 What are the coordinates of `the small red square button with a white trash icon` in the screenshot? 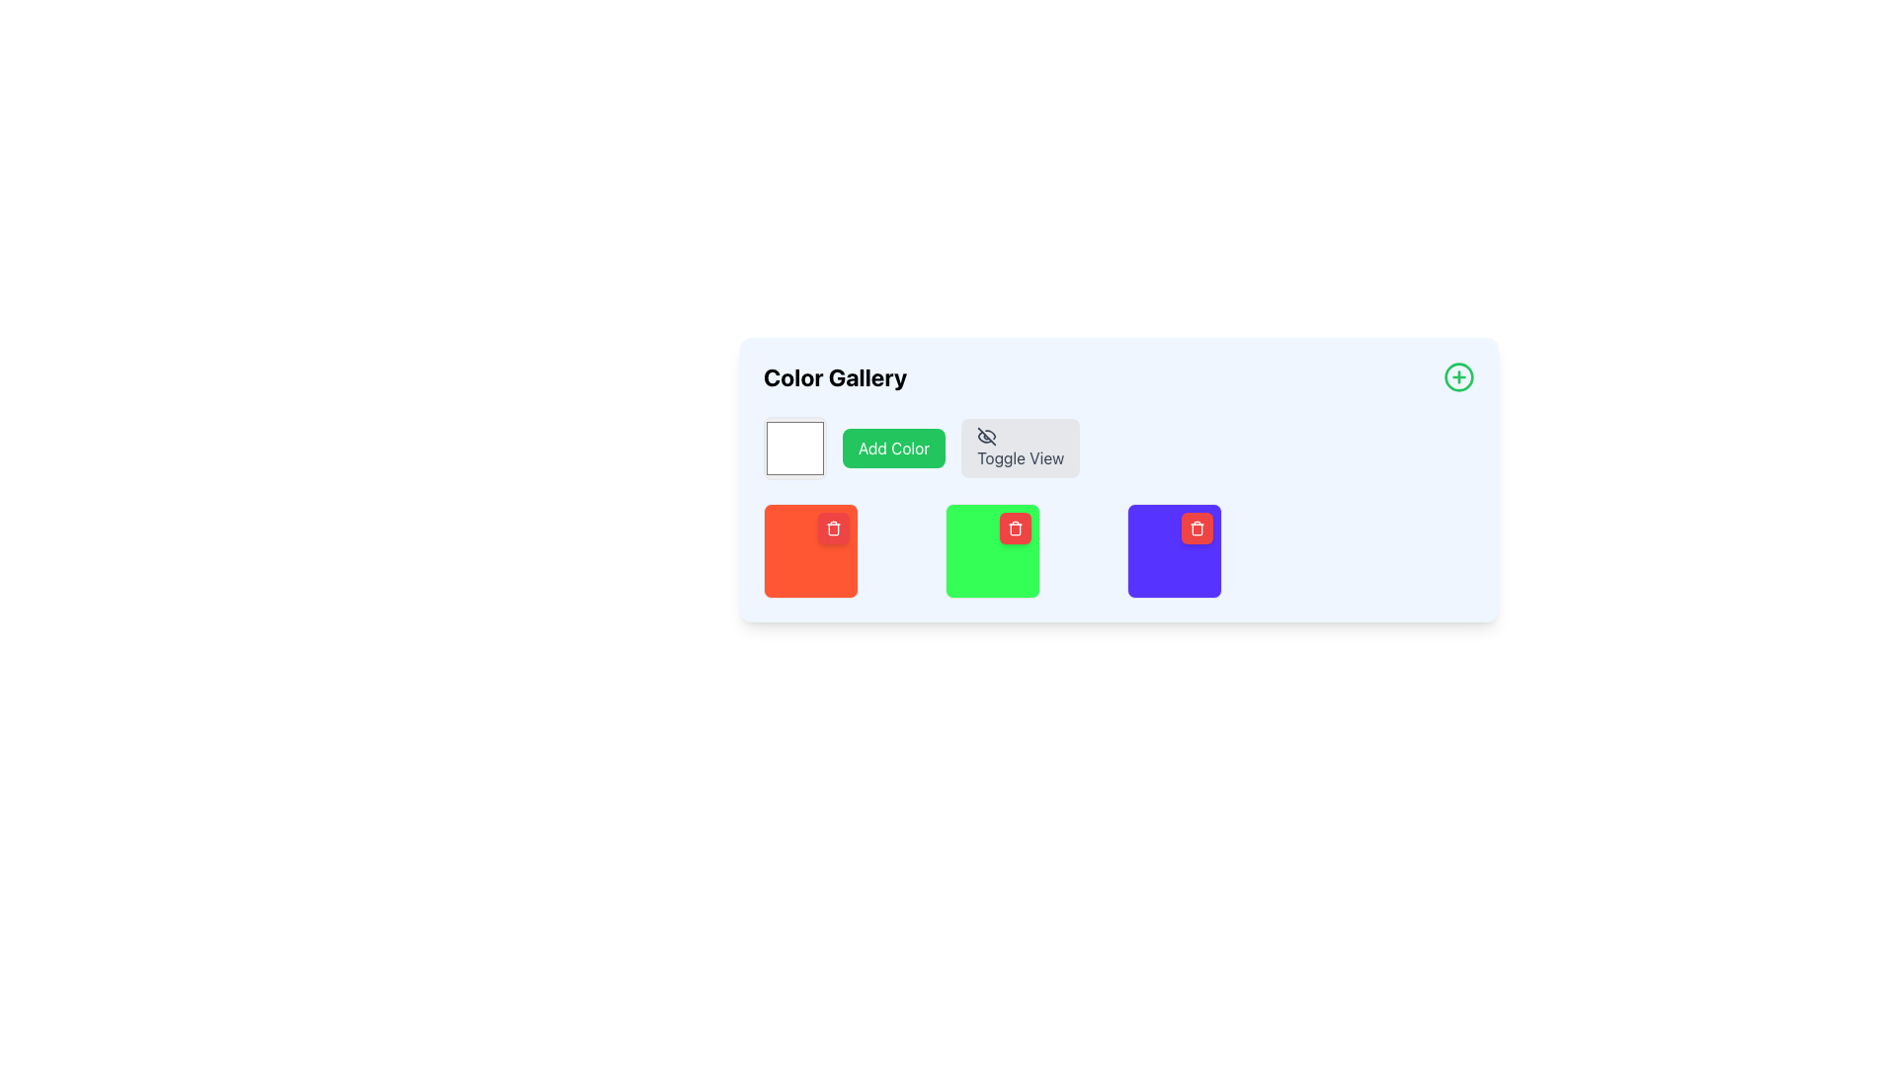 It's located at (1015, 528).